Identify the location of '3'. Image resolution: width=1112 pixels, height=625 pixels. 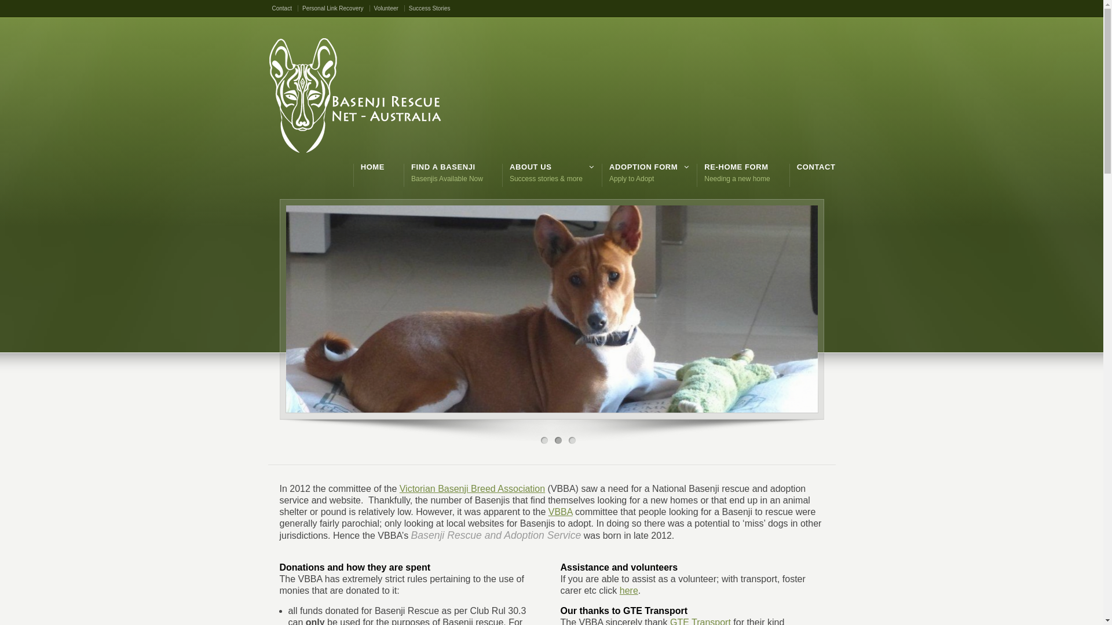
(572, 440).